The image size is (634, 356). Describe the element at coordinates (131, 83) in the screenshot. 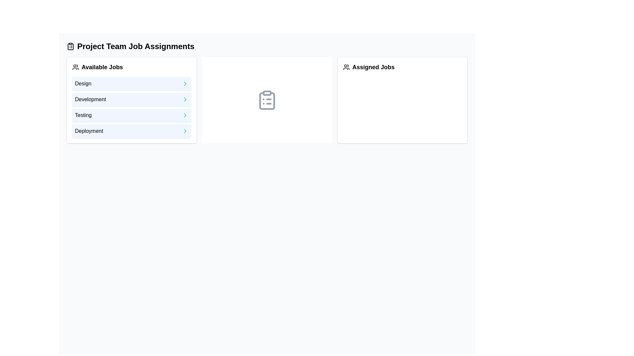

I see `the 'Design' button in the 'Available Jobs' section under 'Project Team Job Assignments'` at that location.